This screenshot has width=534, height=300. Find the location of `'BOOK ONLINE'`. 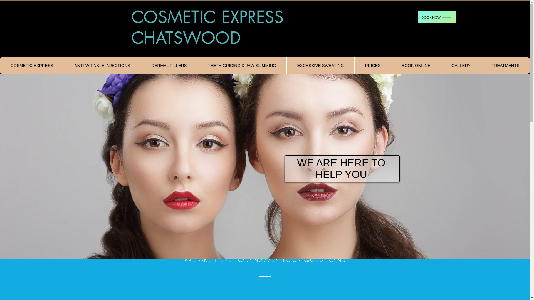

'BOOK ONLINE' is located at coordinates (391, 65).